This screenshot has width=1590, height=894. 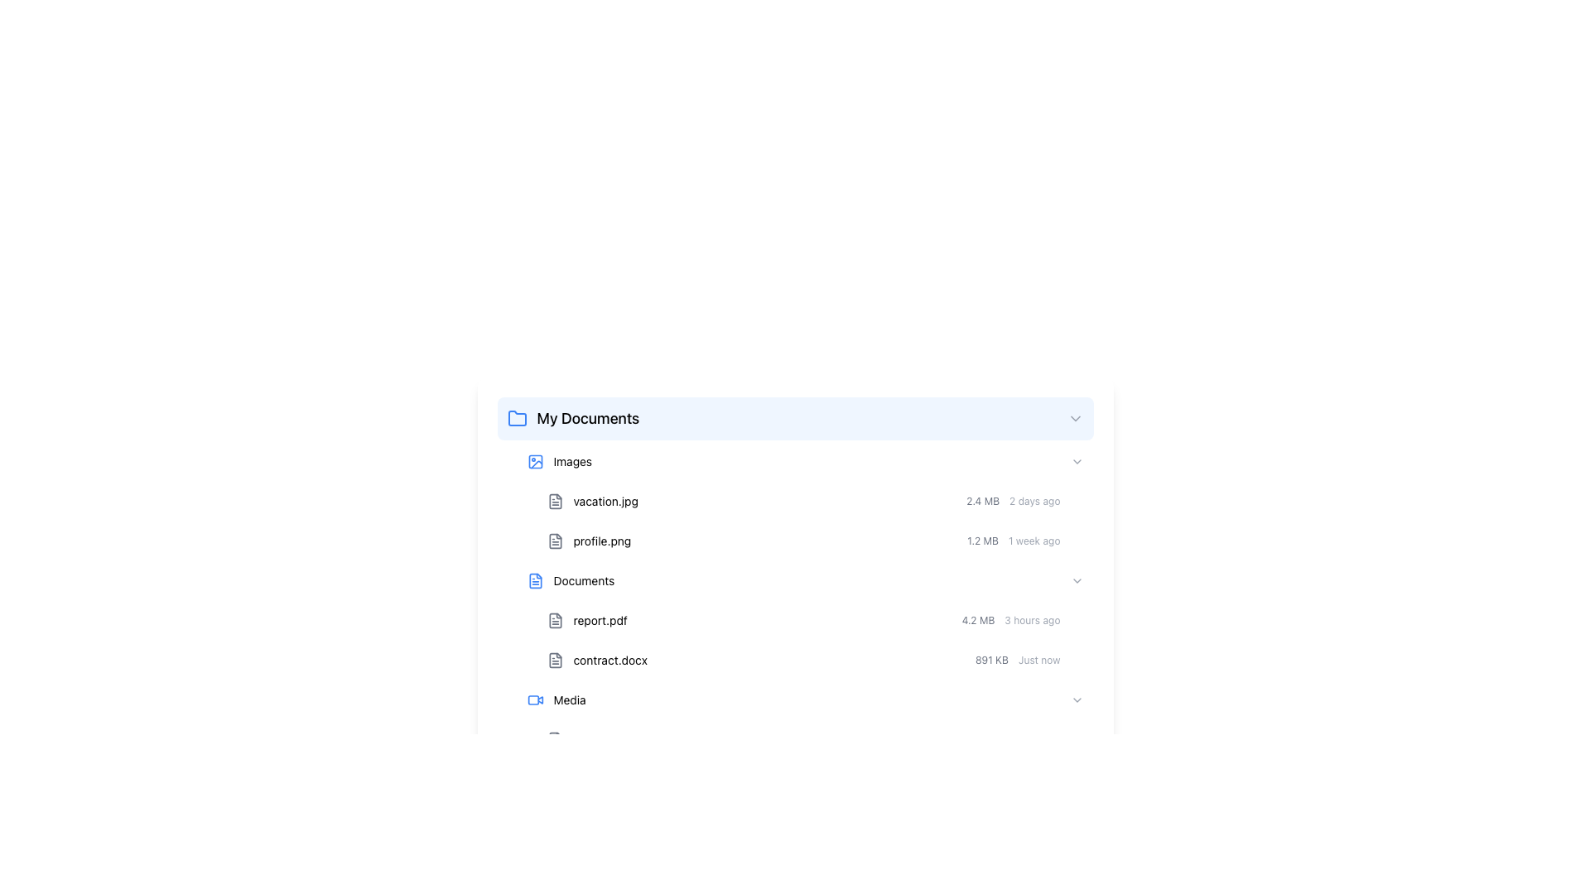 What do you see at coordinates (535, 462) in the screenshot?
I see `the decorative visual component that enhances the folder icon representation, located to the left of the text label 'Images'` at bounding box center [535, 462].